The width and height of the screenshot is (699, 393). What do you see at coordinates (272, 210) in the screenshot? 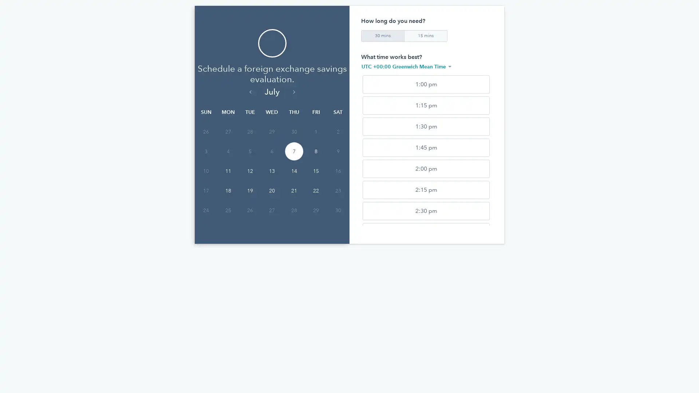
I see `July 27th` at bounding box center [272, 210].